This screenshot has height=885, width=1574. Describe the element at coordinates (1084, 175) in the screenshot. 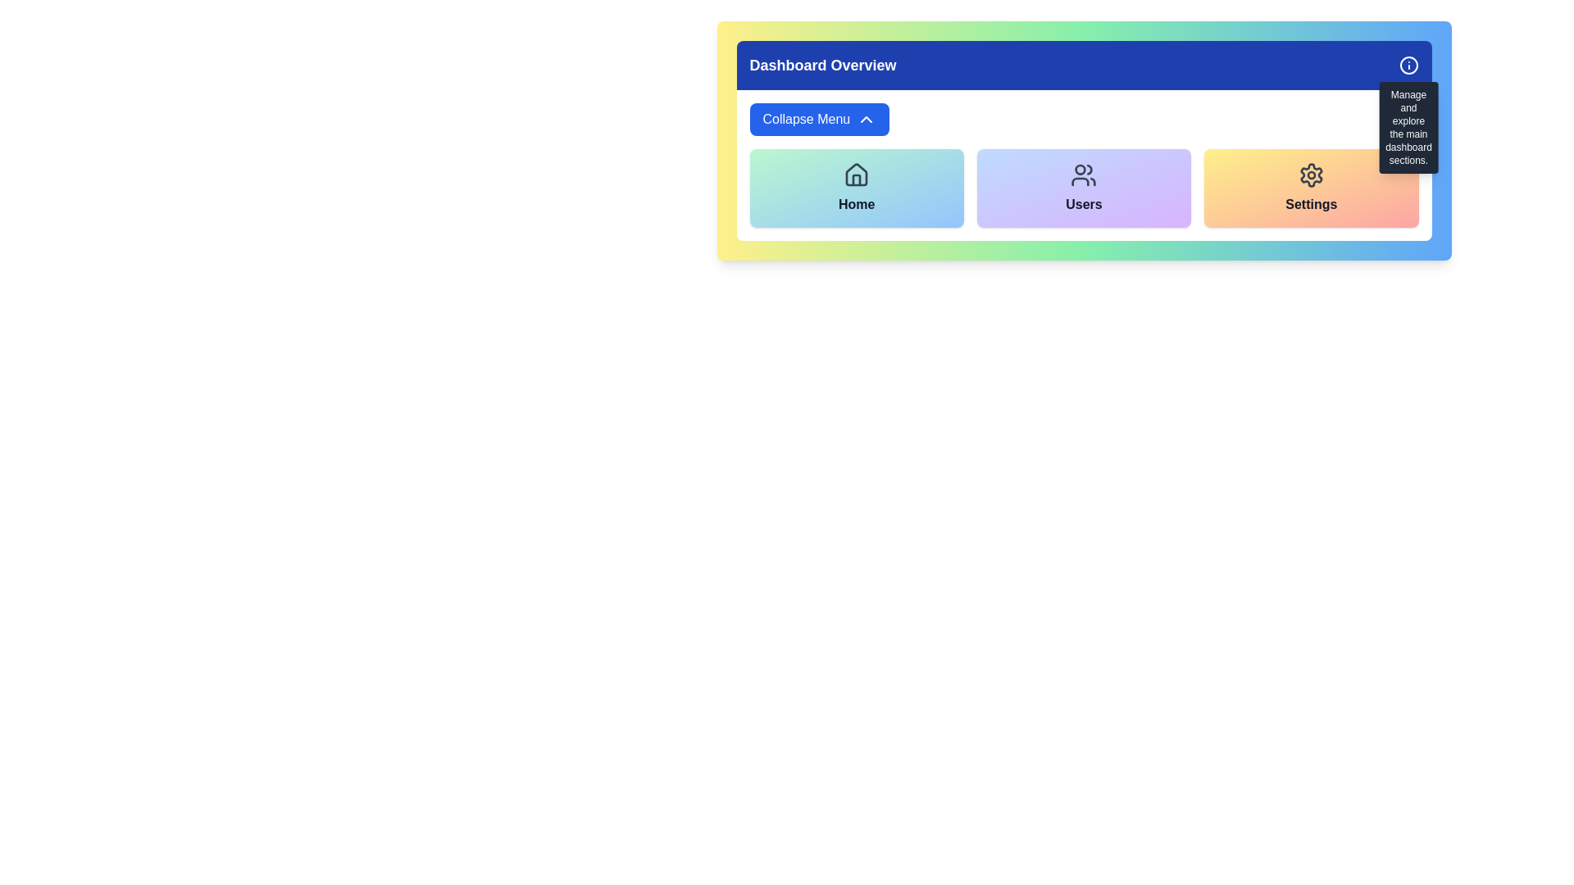

I see `the icon representing two persons, which is centrally located at the top of the 'Users' navigation card, to initiate interaction` at that location.